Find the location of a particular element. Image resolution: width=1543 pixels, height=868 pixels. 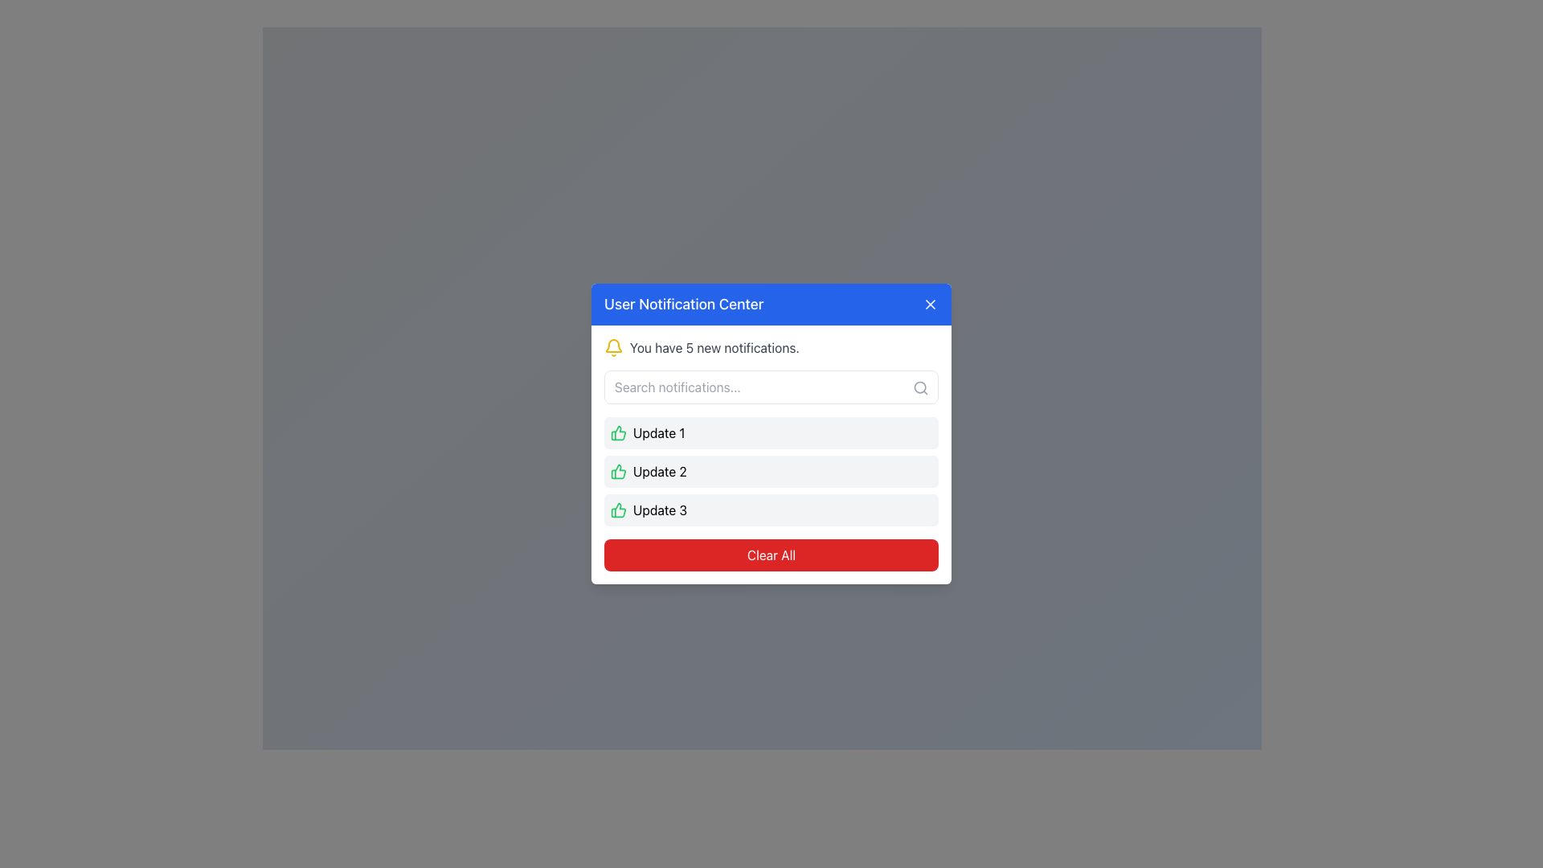

the approved state icon located to the left of the text 'Update 3' in the third notification item of the User Notification Center is located at coordinates (617, 510).